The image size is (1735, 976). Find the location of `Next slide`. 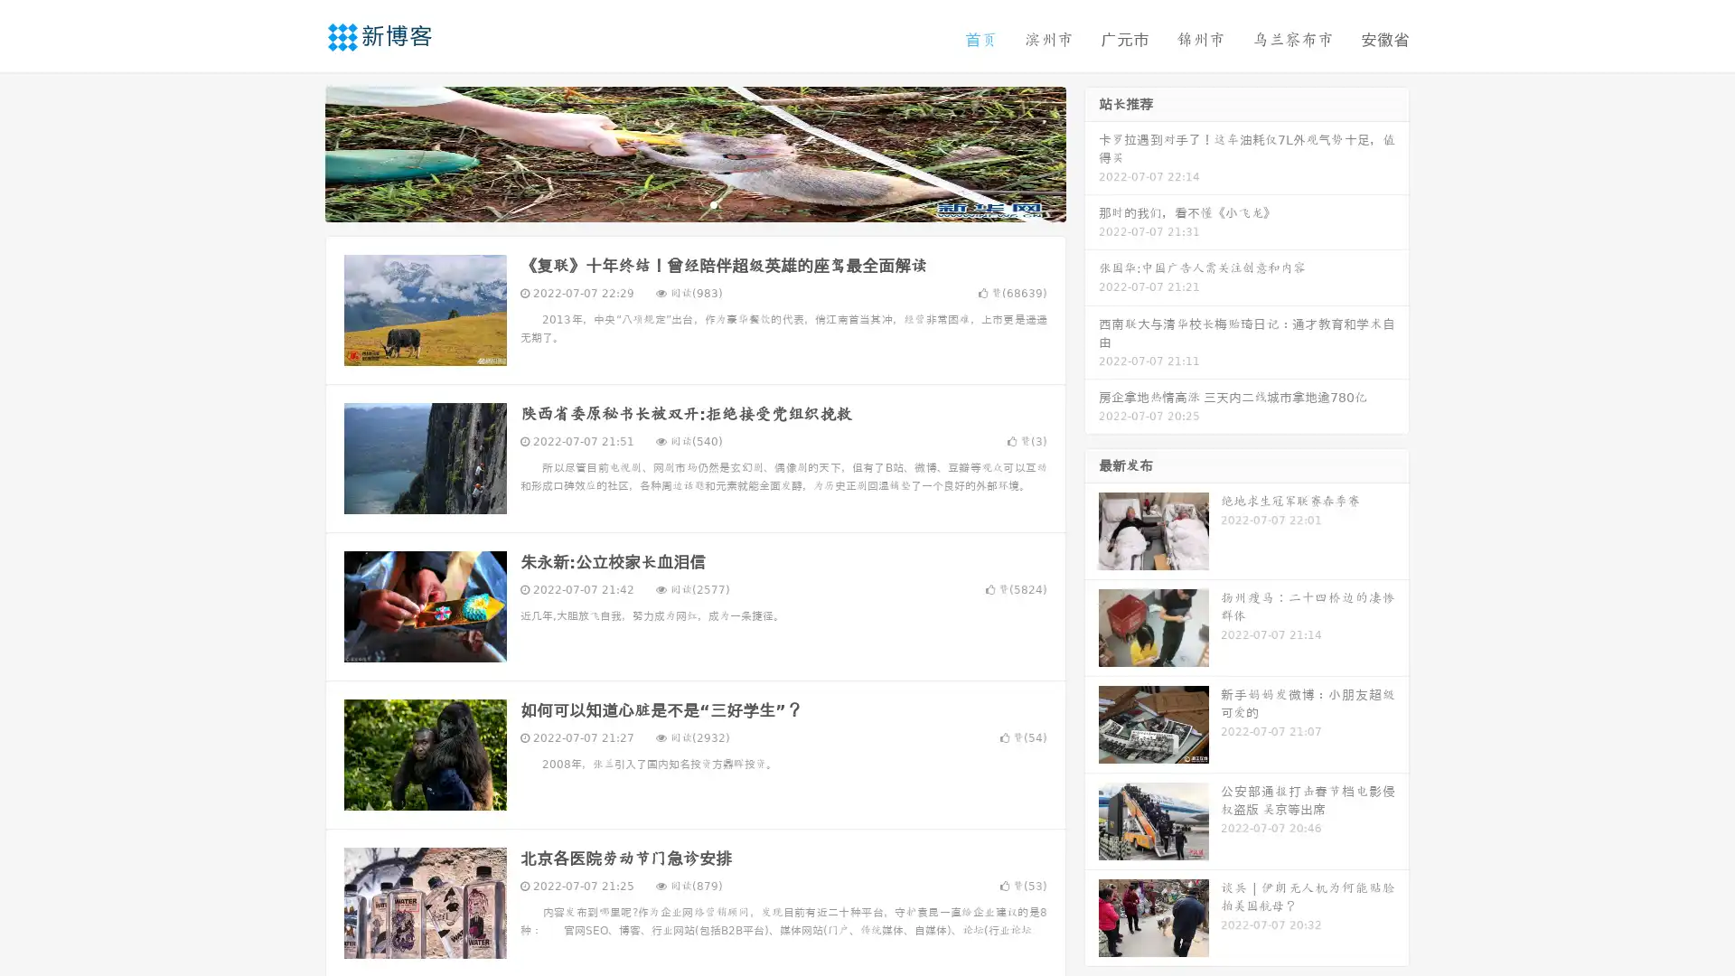

Next slide is located at coordinates (1092, 152).